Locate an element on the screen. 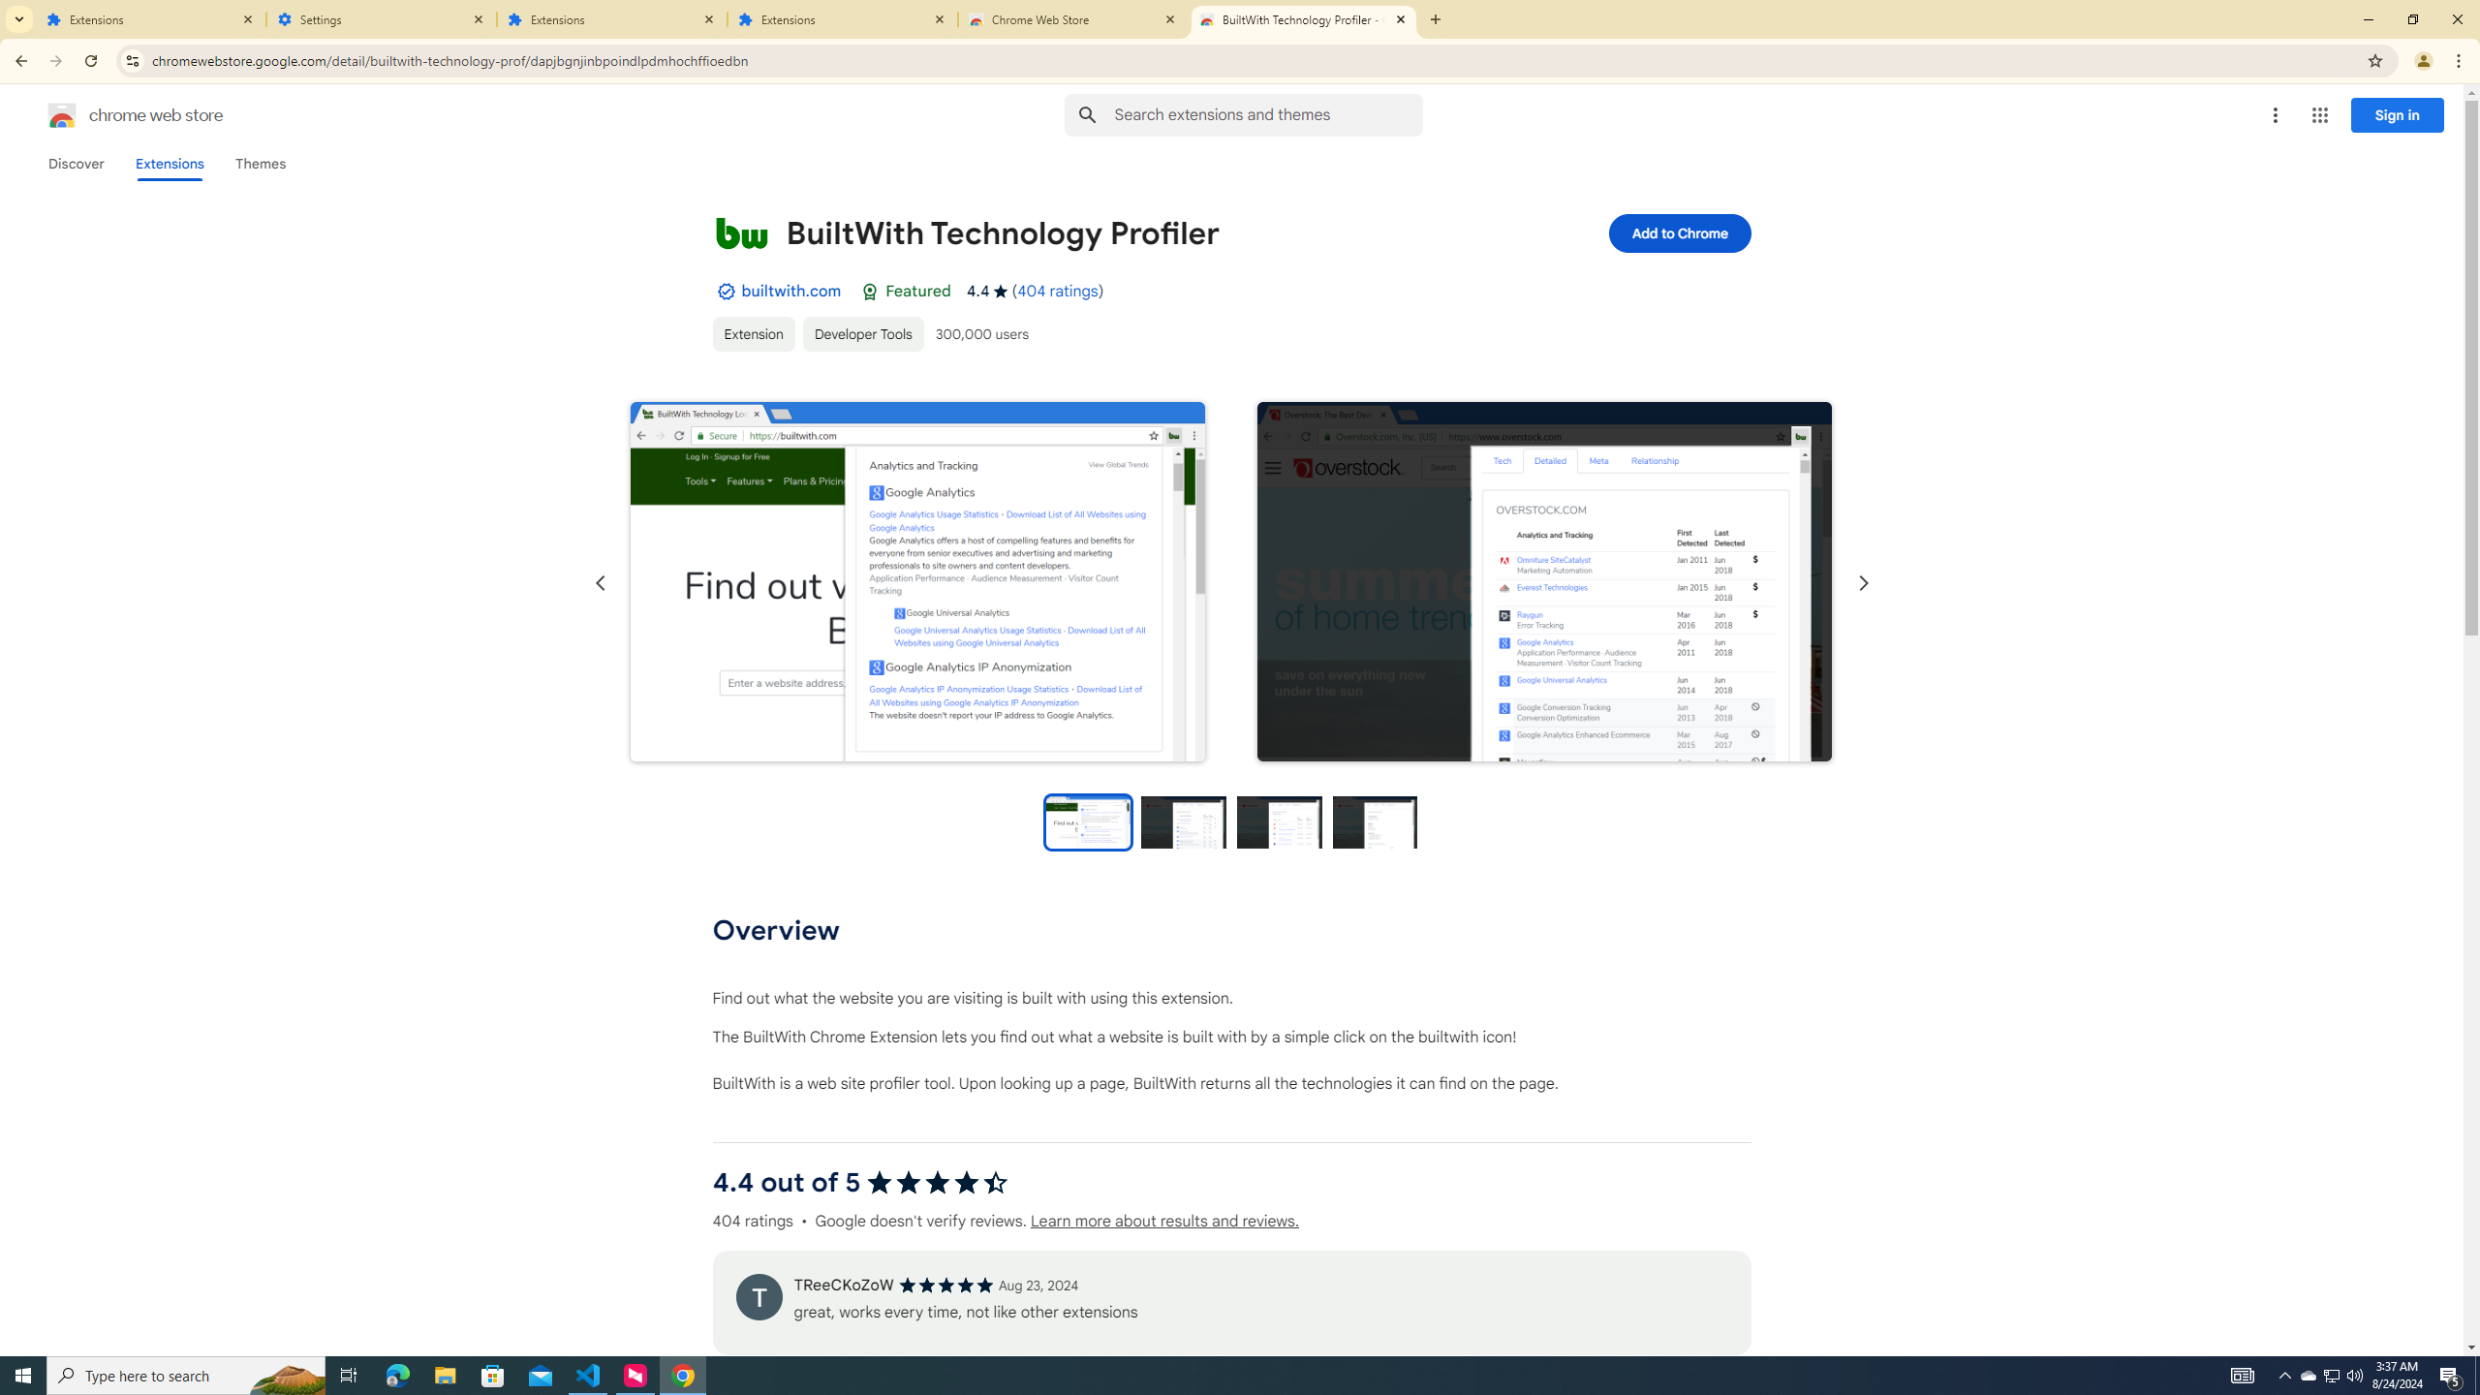 This screenshot has width=2480, height=1395. 'Featured Badge' is located at coordinates (869, 290).